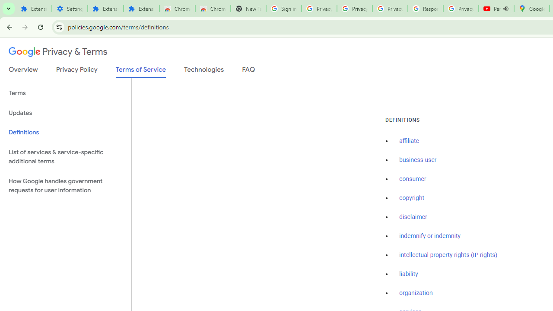  What do you see at coordinates (413, 216) in the screenshot?
I see `'disclaimer'` at bounding box center [413, 216].